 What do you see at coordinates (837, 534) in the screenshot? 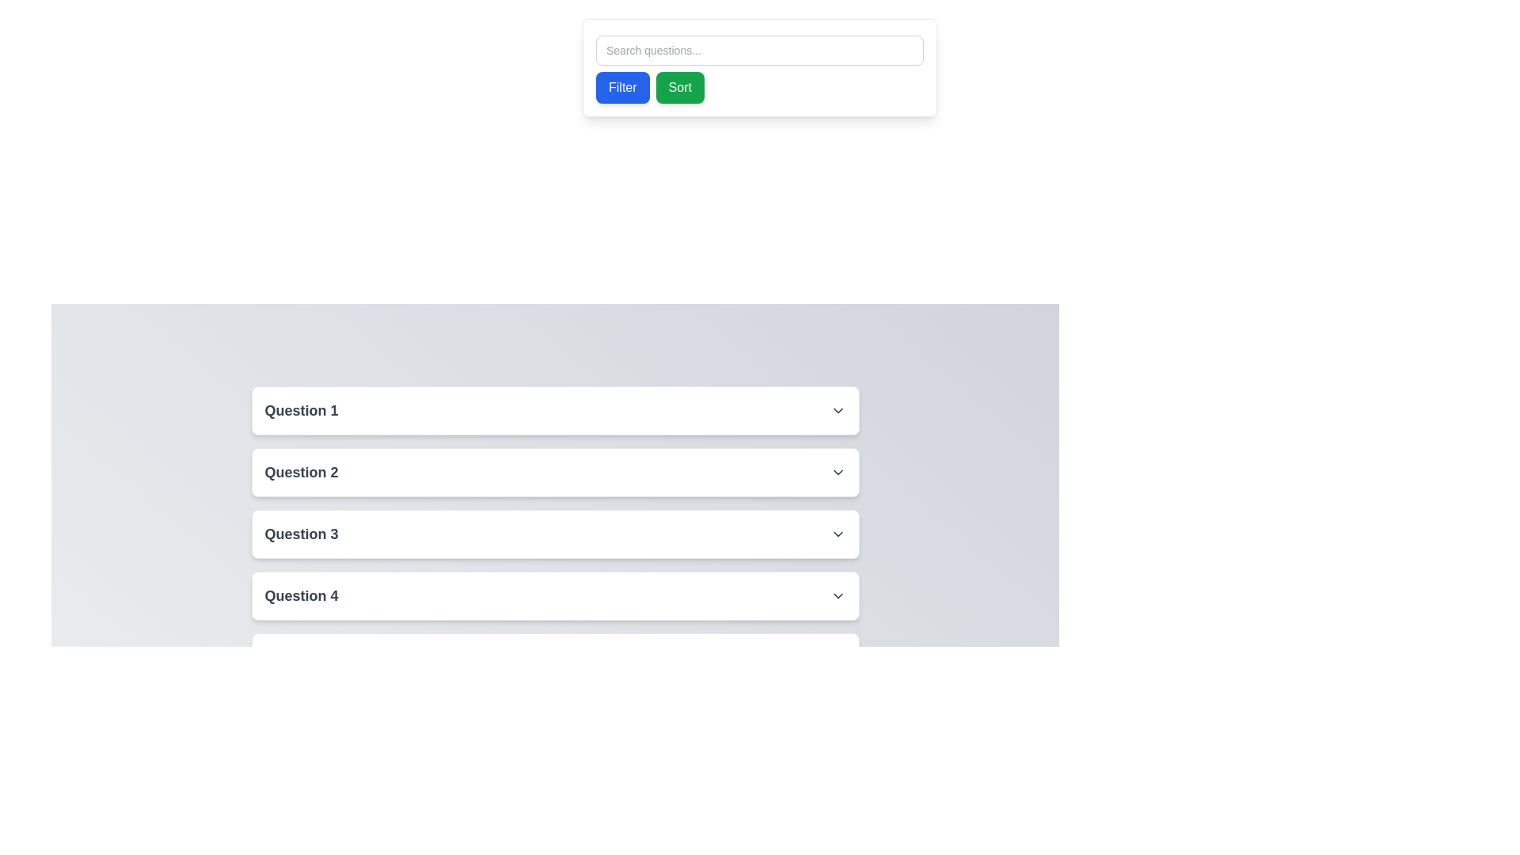
I see `the expand/collapse icon located at the far right of the 'Question 3' item` at bounding box center [837, 534].